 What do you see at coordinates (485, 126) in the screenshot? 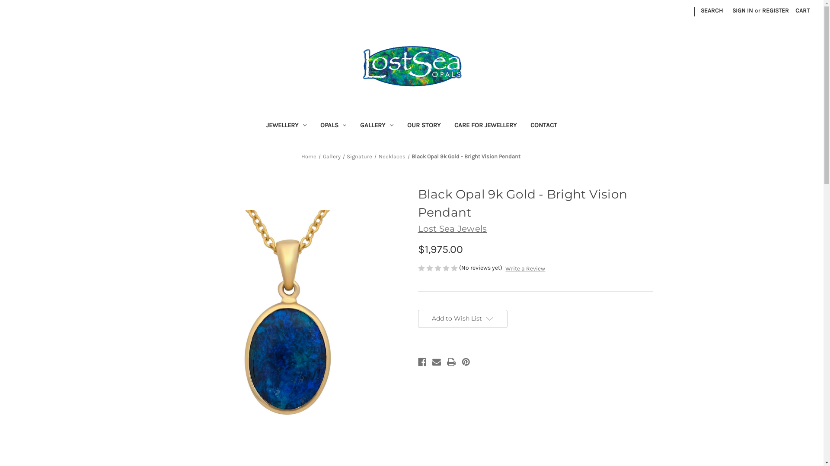
I see `'CARE FOR JEWELLERY'` at bounding box center [485, 126].